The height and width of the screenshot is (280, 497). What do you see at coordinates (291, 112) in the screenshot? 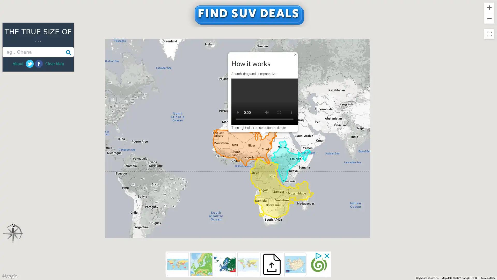
I see `show more media controls` at bounding box center [291, 112].